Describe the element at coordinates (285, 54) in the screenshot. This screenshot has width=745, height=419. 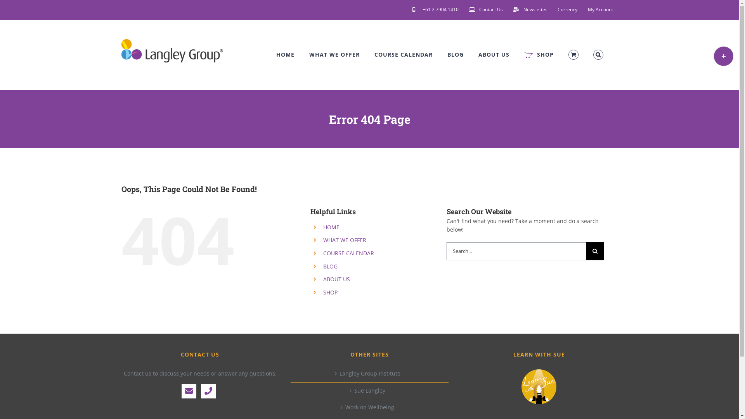
I see `'HOME'` at that location.